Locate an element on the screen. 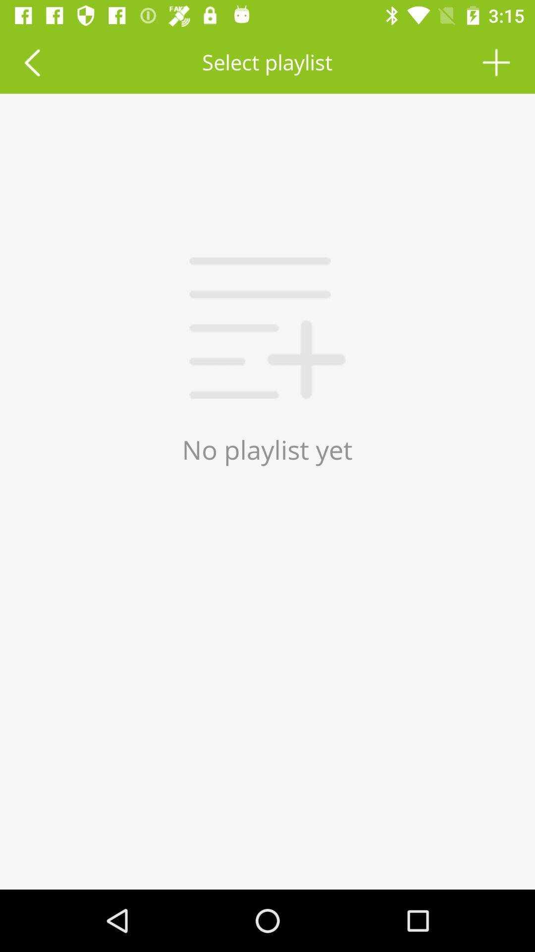 The height and width of the screenshot is (952, 535). the icon to the left of the select playlist icon is located at coordinates (31, 61).